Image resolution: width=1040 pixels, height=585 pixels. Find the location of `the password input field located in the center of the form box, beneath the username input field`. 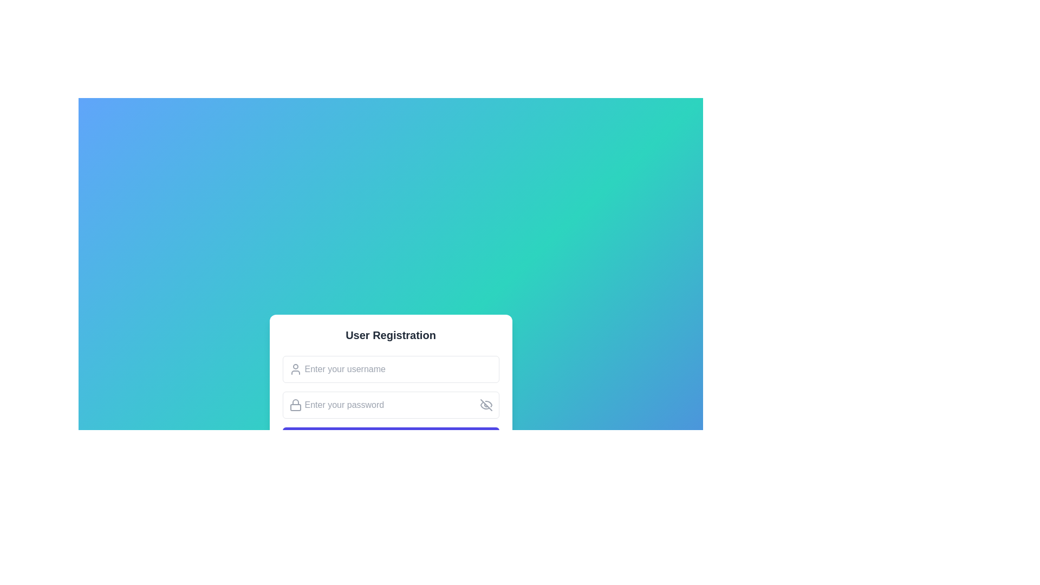

the password input field located in the center of the form box, beneath the username input field is located at coordinates (390, 405).